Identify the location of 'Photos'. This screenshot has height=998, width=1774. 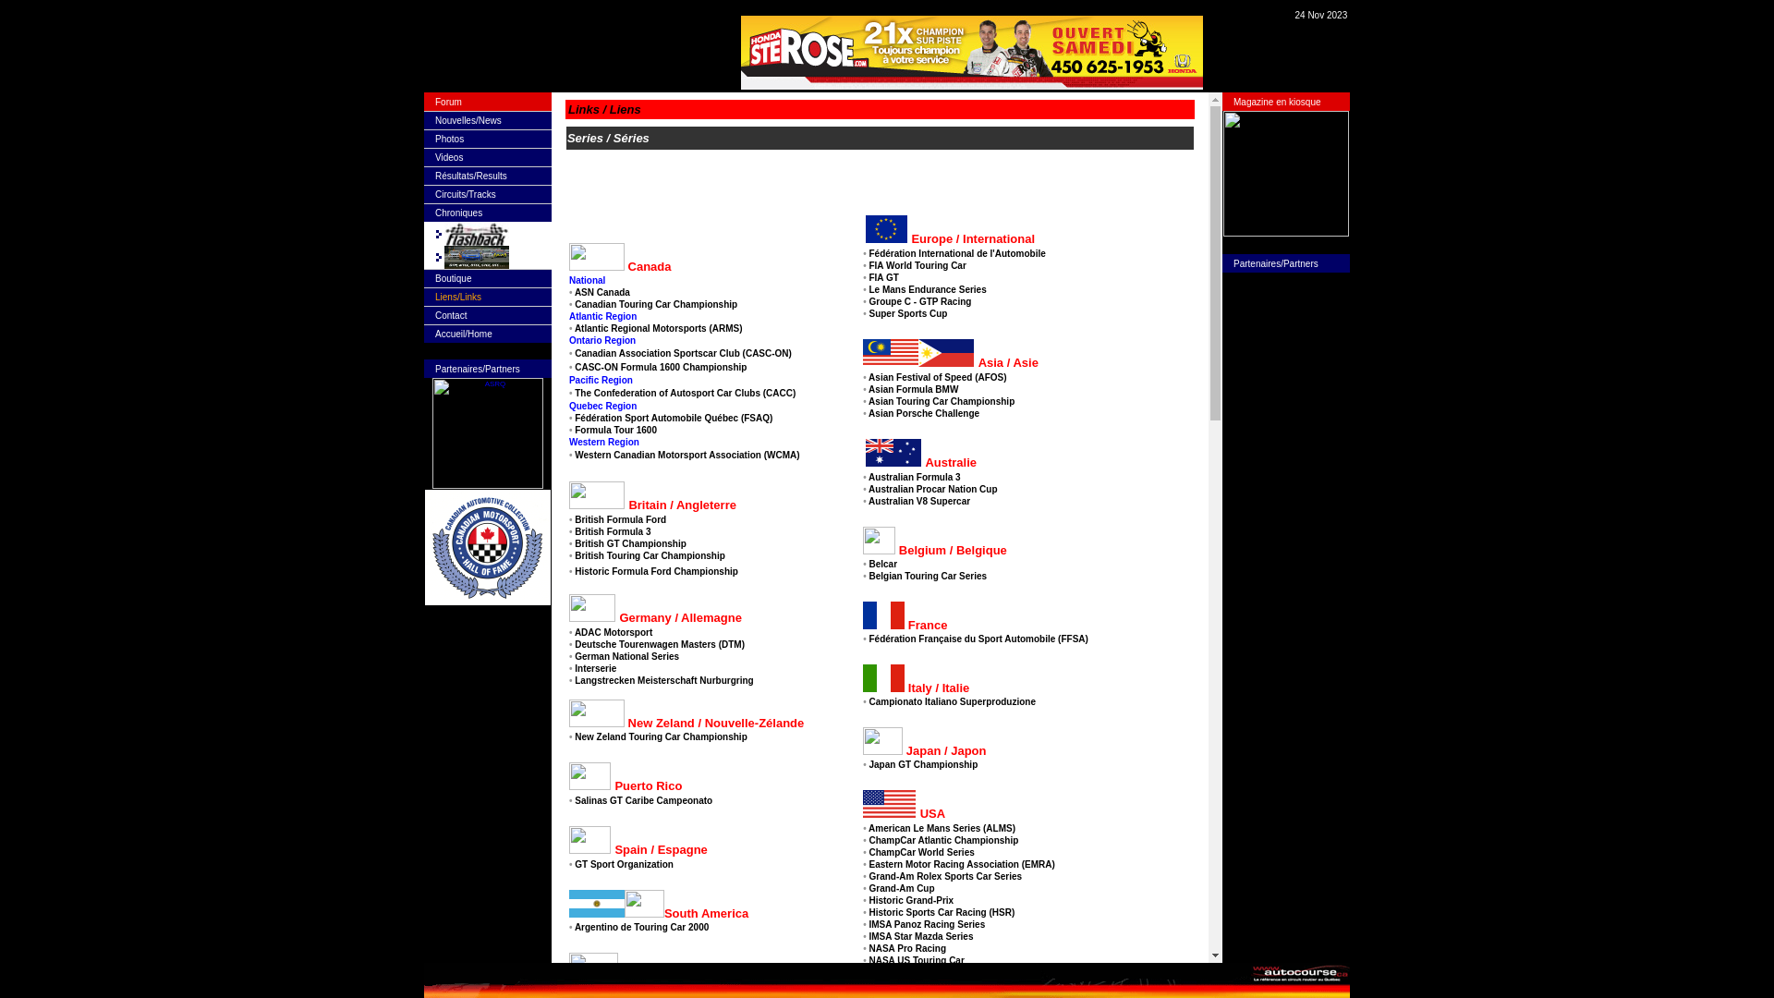
(449, 138).